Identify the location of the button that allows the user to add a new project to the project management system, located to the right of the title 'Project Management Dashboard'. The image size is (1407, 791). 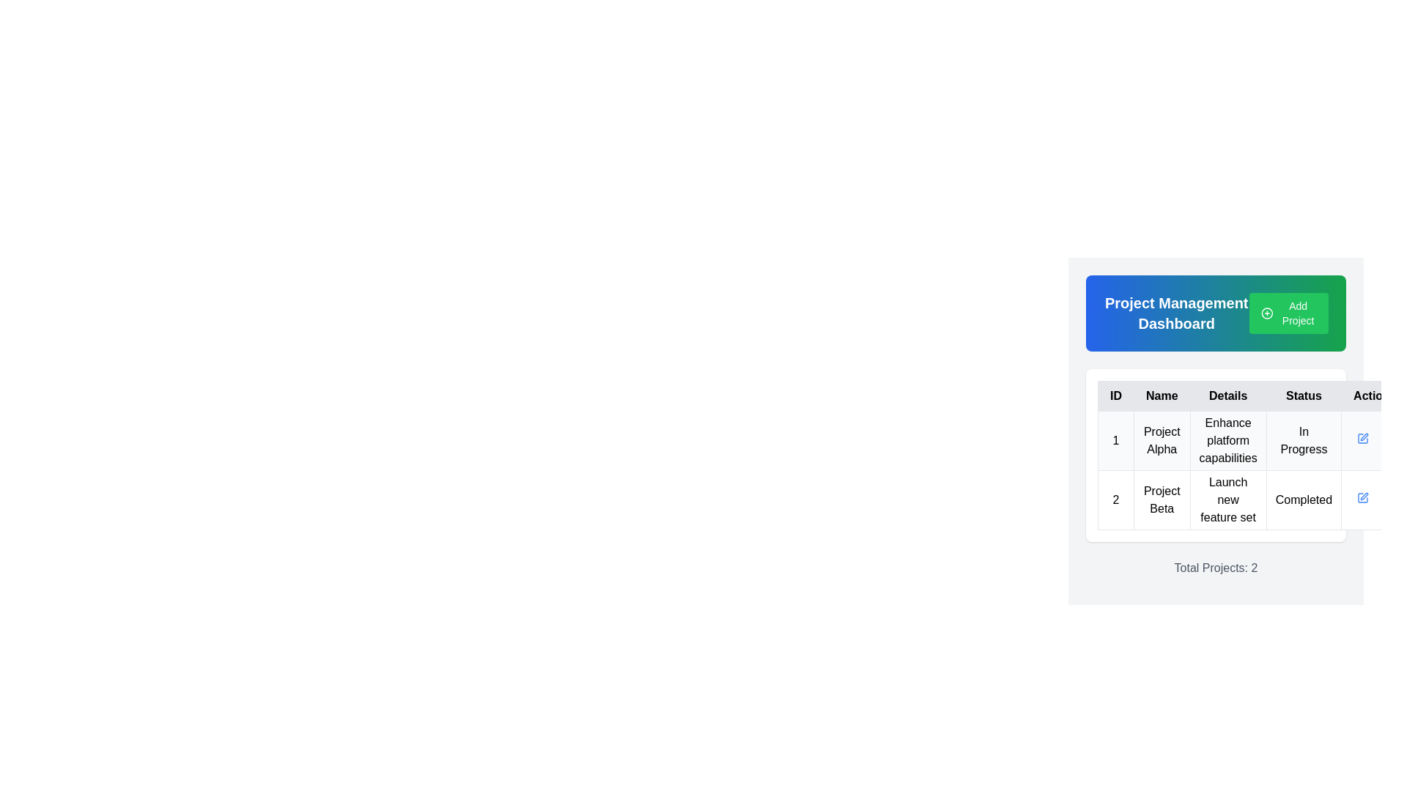
(1288, 313).